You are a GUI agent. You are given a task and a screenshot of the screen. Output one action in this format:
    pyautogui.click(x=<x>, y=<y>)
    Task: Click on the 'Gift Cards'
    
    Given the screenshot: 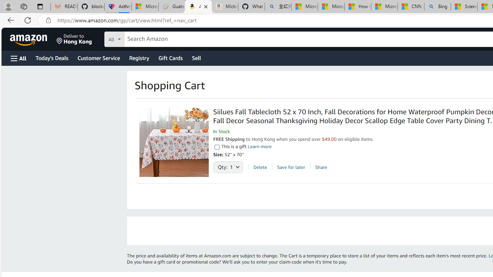 What is the action you would take?
    pyautogui.click(x=170, y=57)
    